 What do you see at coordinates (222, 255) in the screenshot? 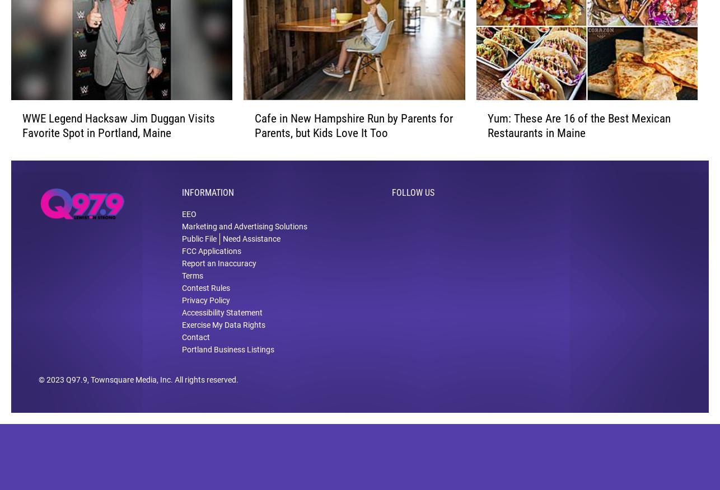
I see `'Need Assistance'` at bounding box center [222, 255].